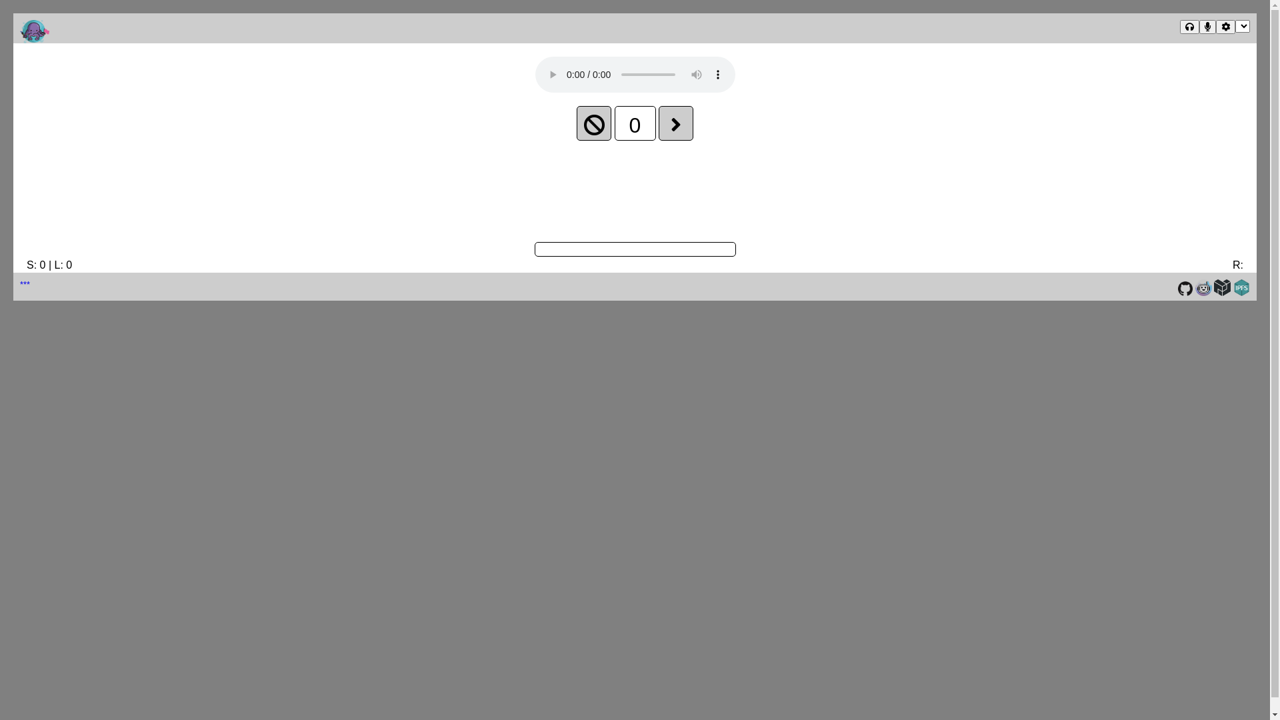 This screenshot has width=1280, height=720. Describe the element at coordinates (25, 283) in the screenshot. I see `'***'` at that location.